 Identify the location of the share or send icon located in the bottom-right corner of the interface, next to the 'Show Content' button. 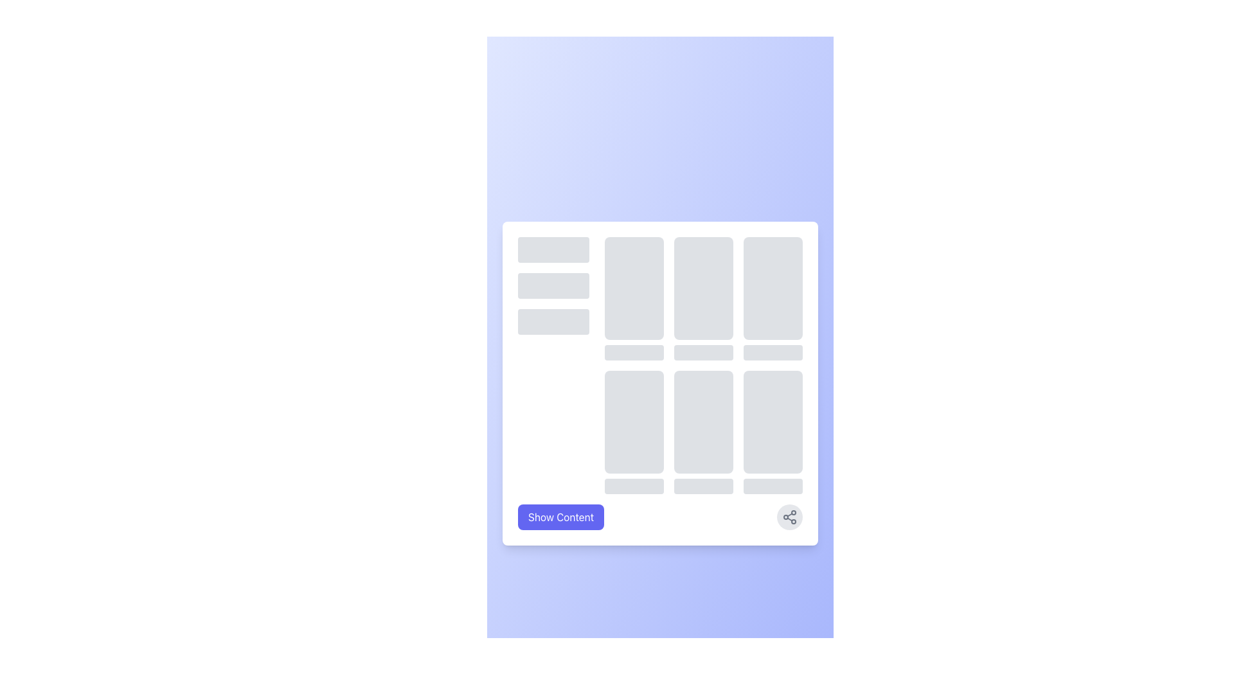
(789, 517).